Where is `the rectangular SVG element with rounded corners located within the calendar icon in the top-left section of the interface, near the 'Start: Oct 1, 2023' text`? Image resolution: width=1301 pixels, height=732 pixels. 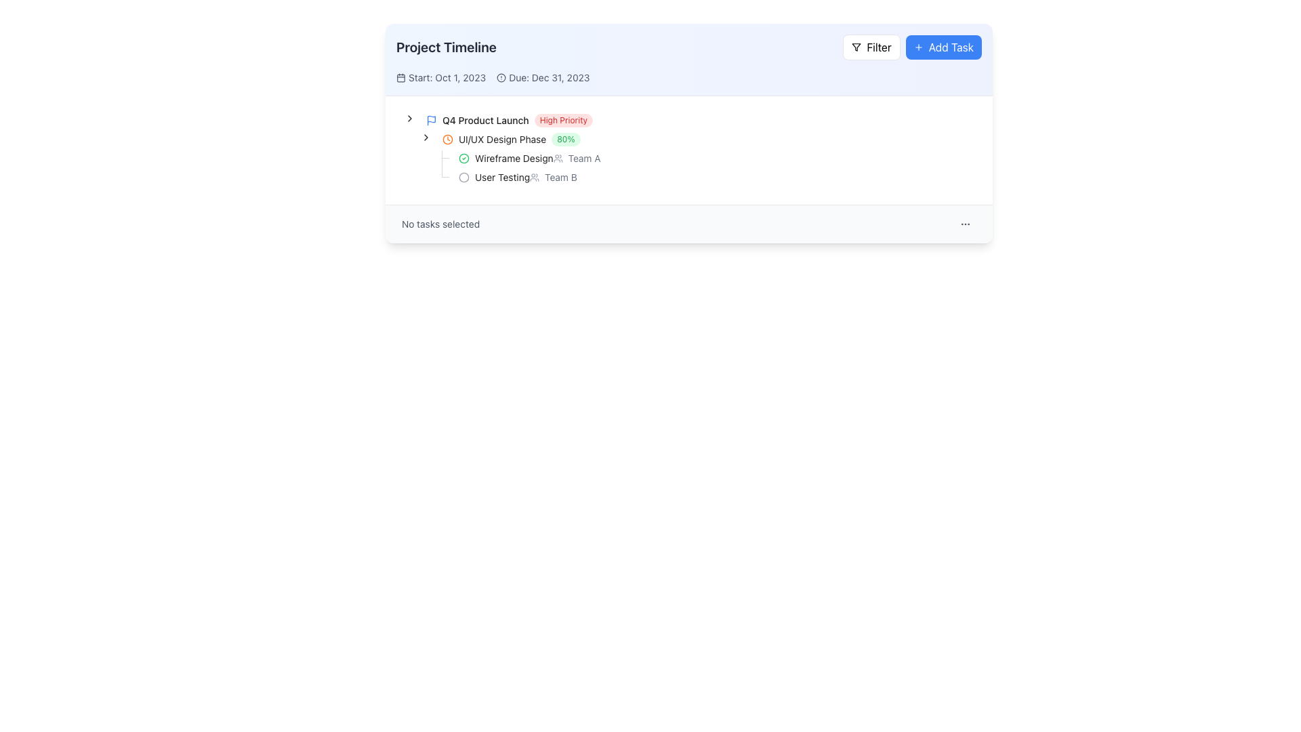 the rectangular SVG element with rounded corners located within the calendar icon in the top-left section of the interface, near the 'Start: Oct 1, 2023' text is located at coordinates (400, 78).